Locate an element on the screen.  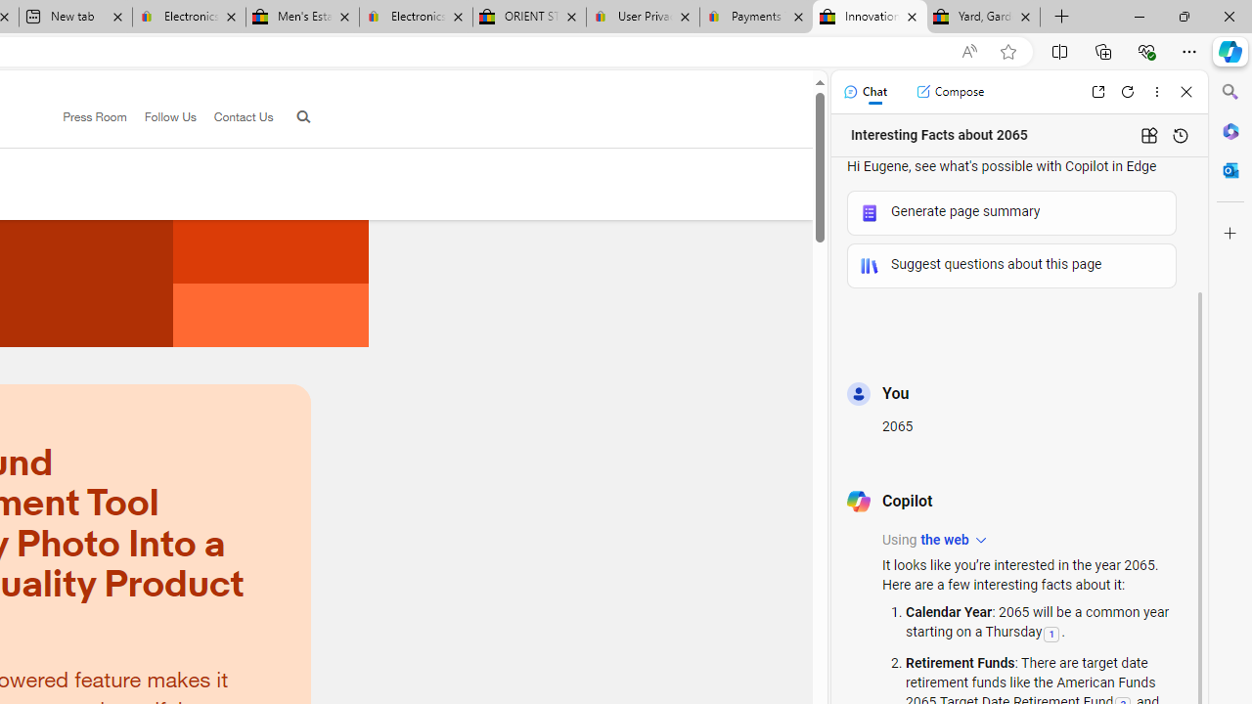
'Chat' is located at coordinates (864, 91).